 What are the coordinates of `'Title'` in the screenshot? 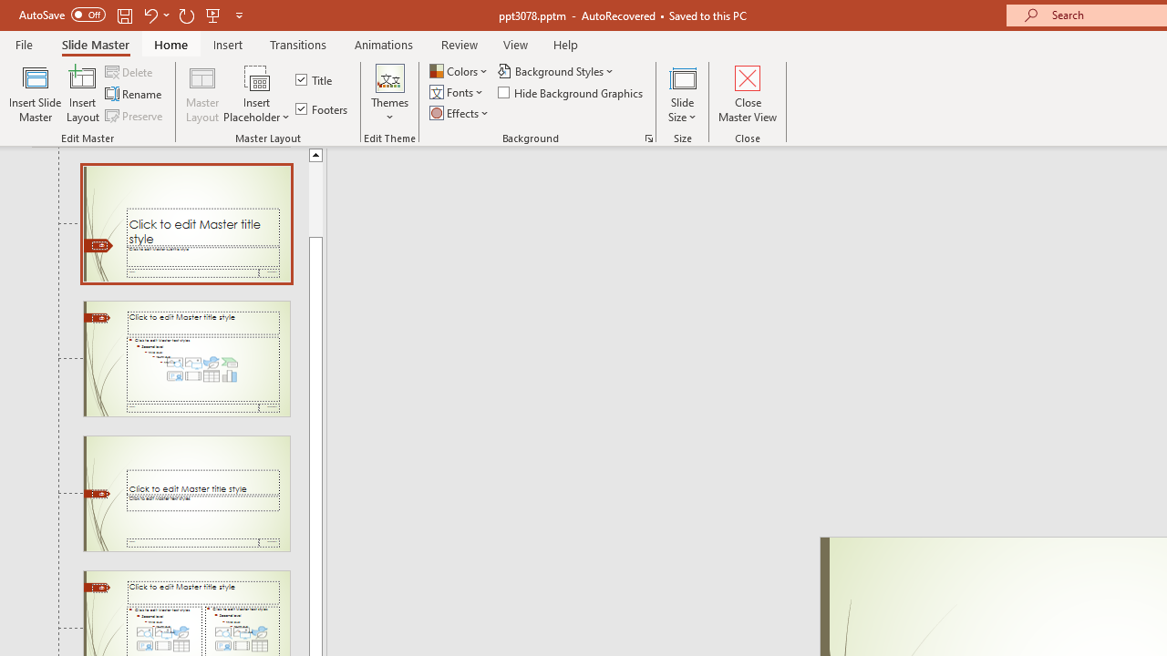 It's located at (315, 78).